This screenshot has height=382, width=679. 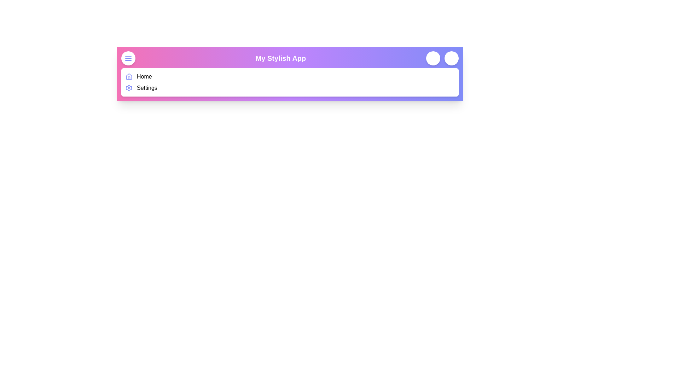 What do you see at coordinates (144, 76) in the screenshot?
I see `the 'Home' menu item in the navigation bar` at bounding box center [144, 76].